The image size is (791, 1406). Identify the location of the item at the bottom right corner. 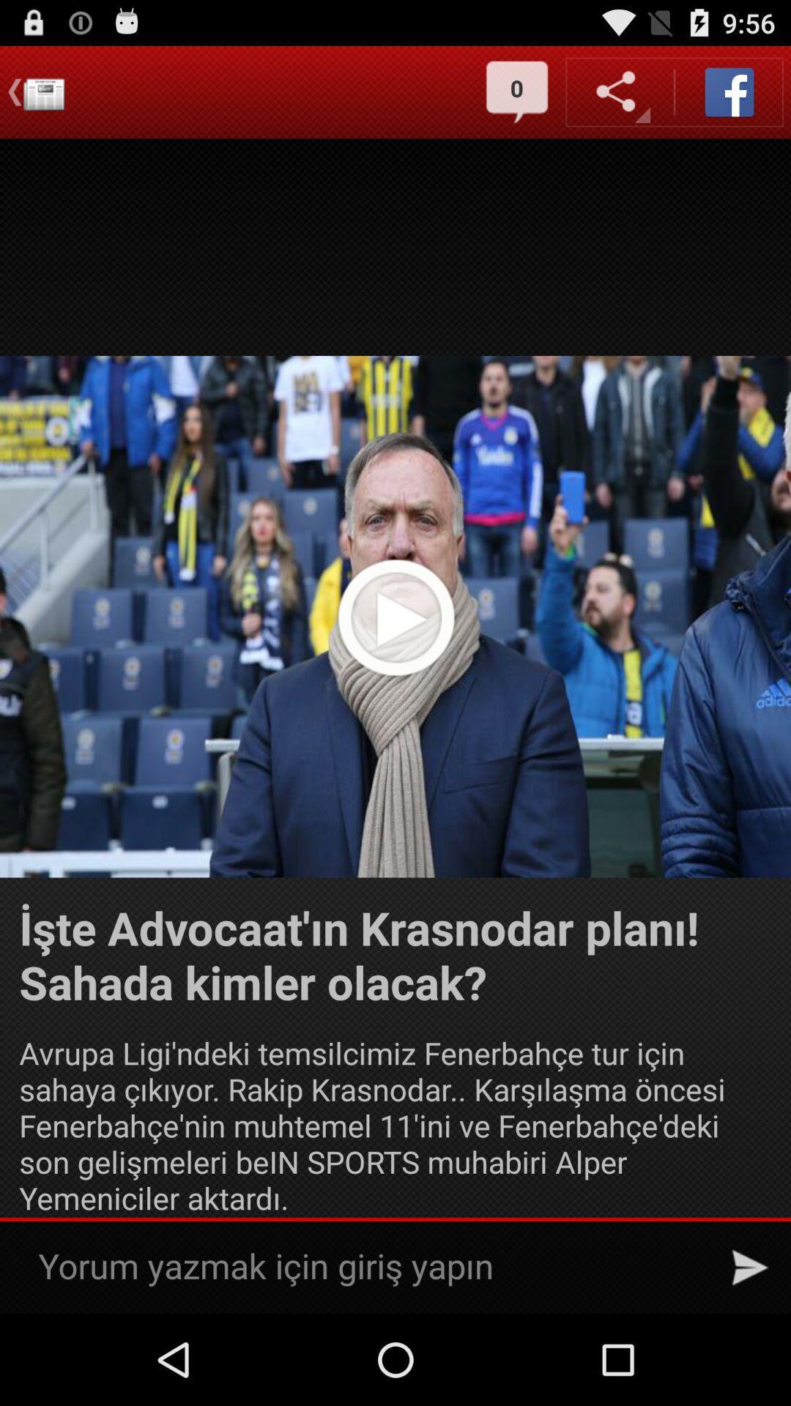
(750, 1267).